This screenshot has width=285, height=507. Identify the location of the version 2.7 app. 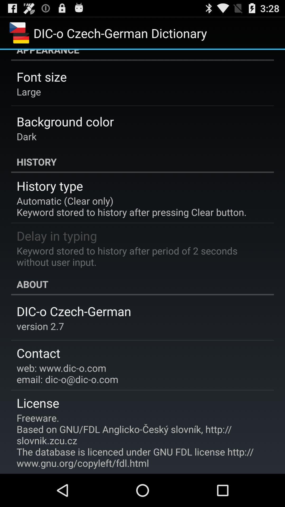
(40, 326).